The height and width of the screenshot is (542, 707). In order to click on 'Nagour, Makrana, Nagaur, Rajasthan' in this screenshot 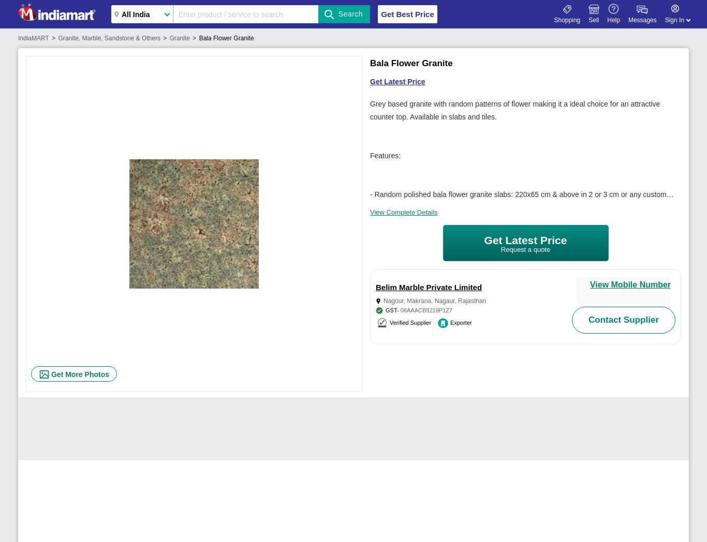, I will do `click(434, 300)`.